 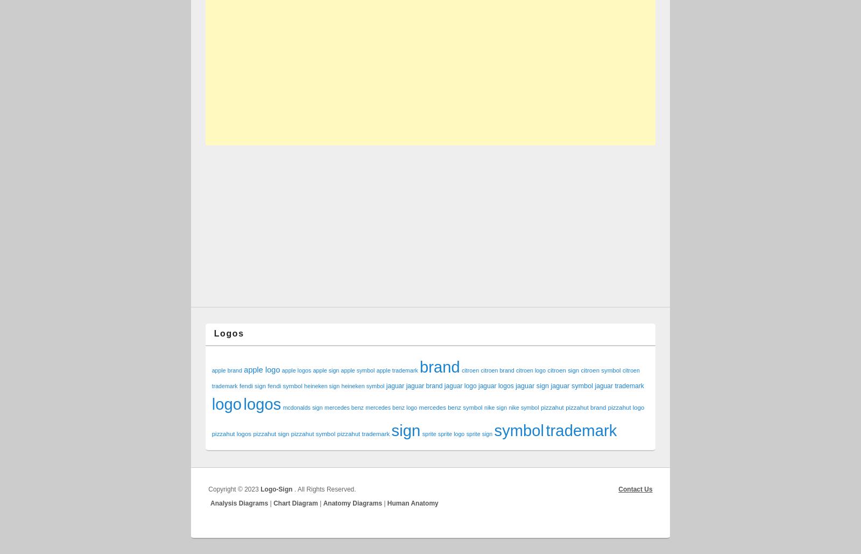 What do you see at coordinates (546, 430) in the screenshot?
I see `'trademark'` at bounding box center [546, 430].